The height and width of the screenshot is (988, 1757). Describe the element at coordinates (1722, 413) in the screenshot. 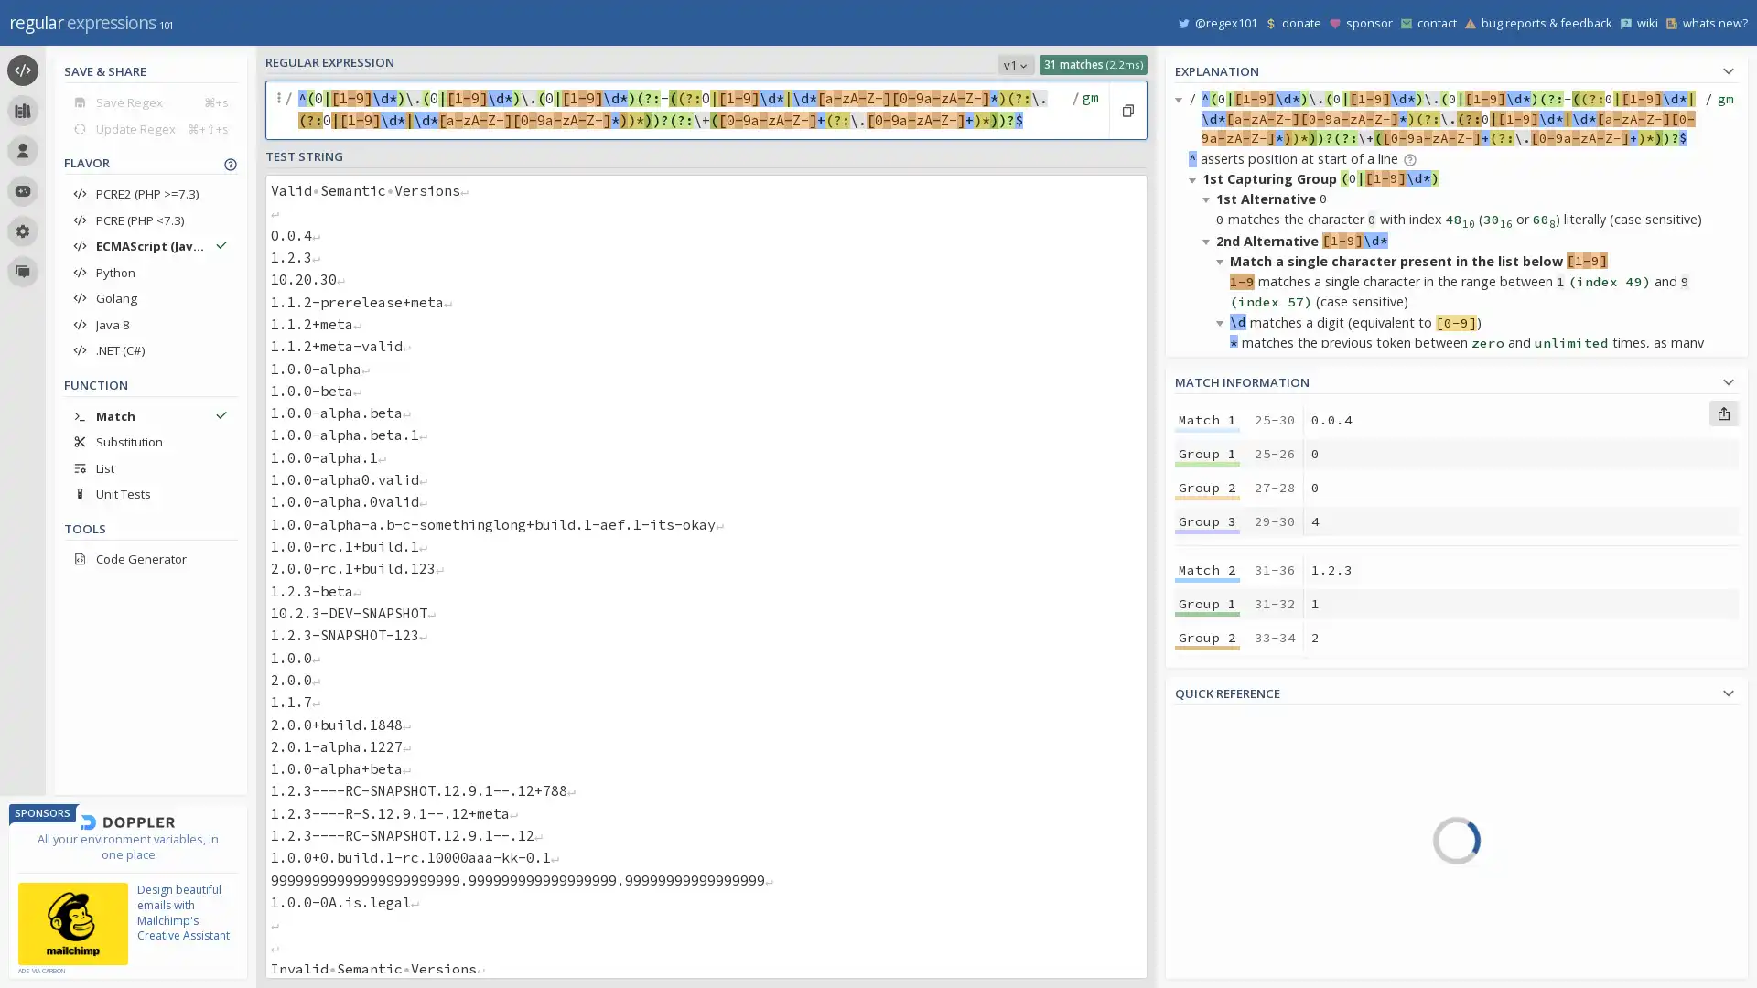

I see `Export Matches` at that location.